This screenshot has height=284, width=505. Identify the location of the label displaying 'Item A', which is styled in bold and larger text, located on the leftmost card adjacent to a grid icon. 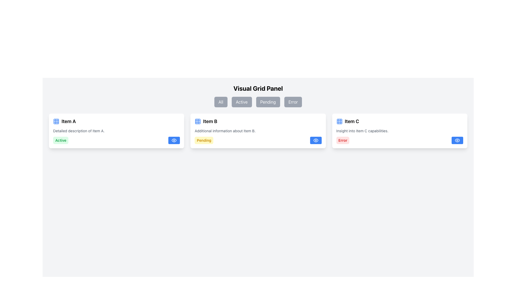
(68, 121).